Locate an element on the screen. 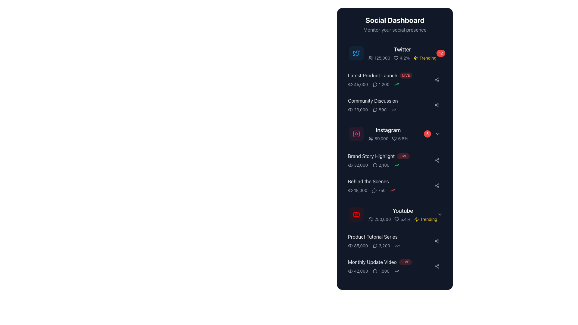 The image size is (578, 325). the upward trend indicator icon located to the right of the numeric indicator '1,200' in the second row under 'Latest Product Launch' is located at coordinates (396, 85).